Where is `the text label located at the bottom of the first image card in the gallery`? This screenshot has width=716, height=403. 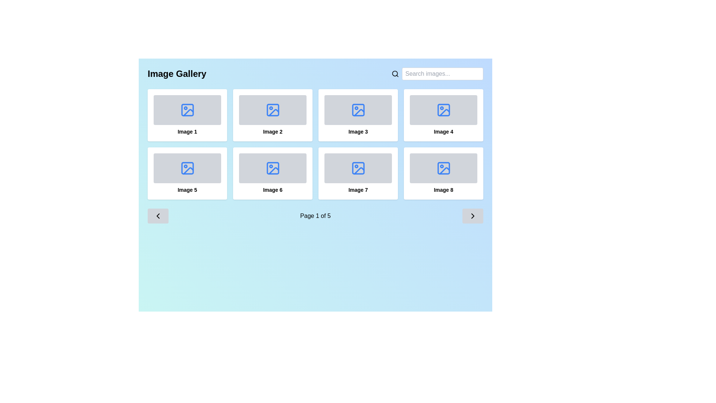 the text label located at the bottom of the first image card in the gallery is located at coordinates (187, 131).